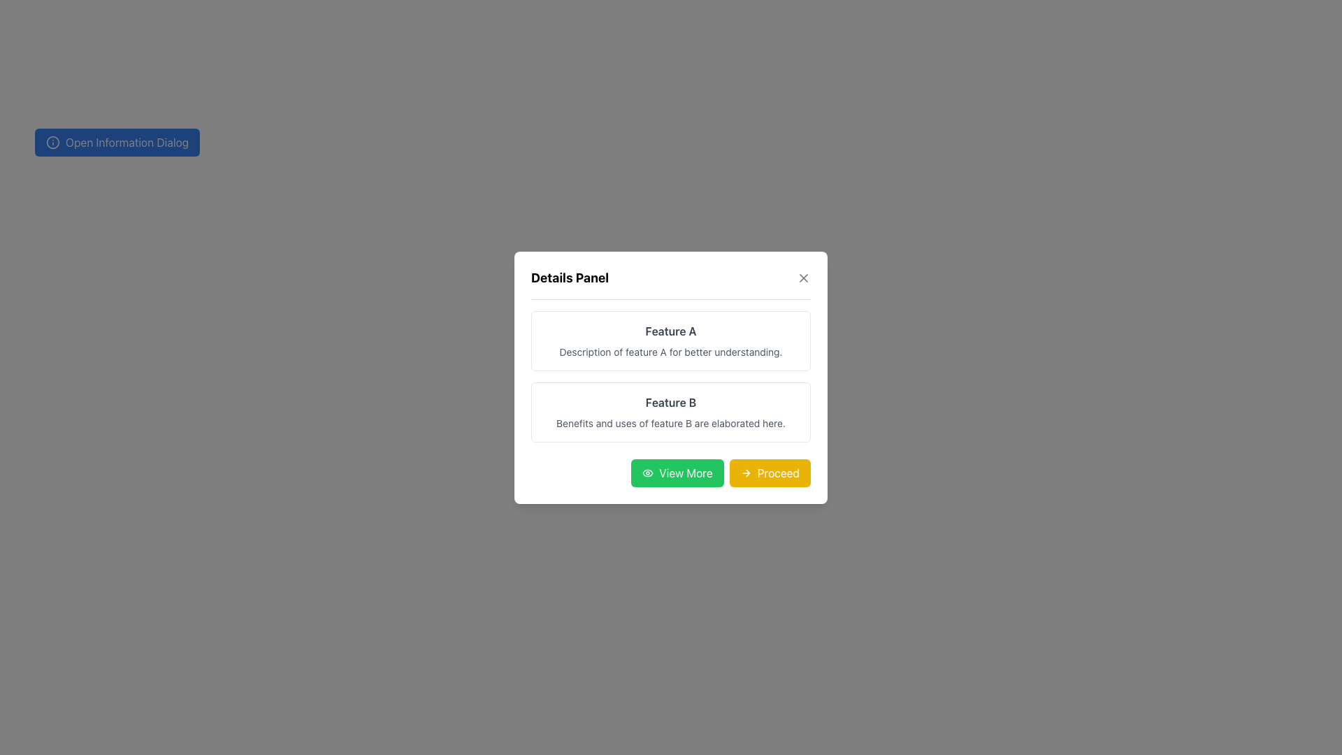  What do you see at coordinates (671, 331) in the screenshot?
I see `the Text Label that serves as a title heading for the section describing a feature, located at the upper part of the 'Details Panel' modal` at bounding box center [671, 331].